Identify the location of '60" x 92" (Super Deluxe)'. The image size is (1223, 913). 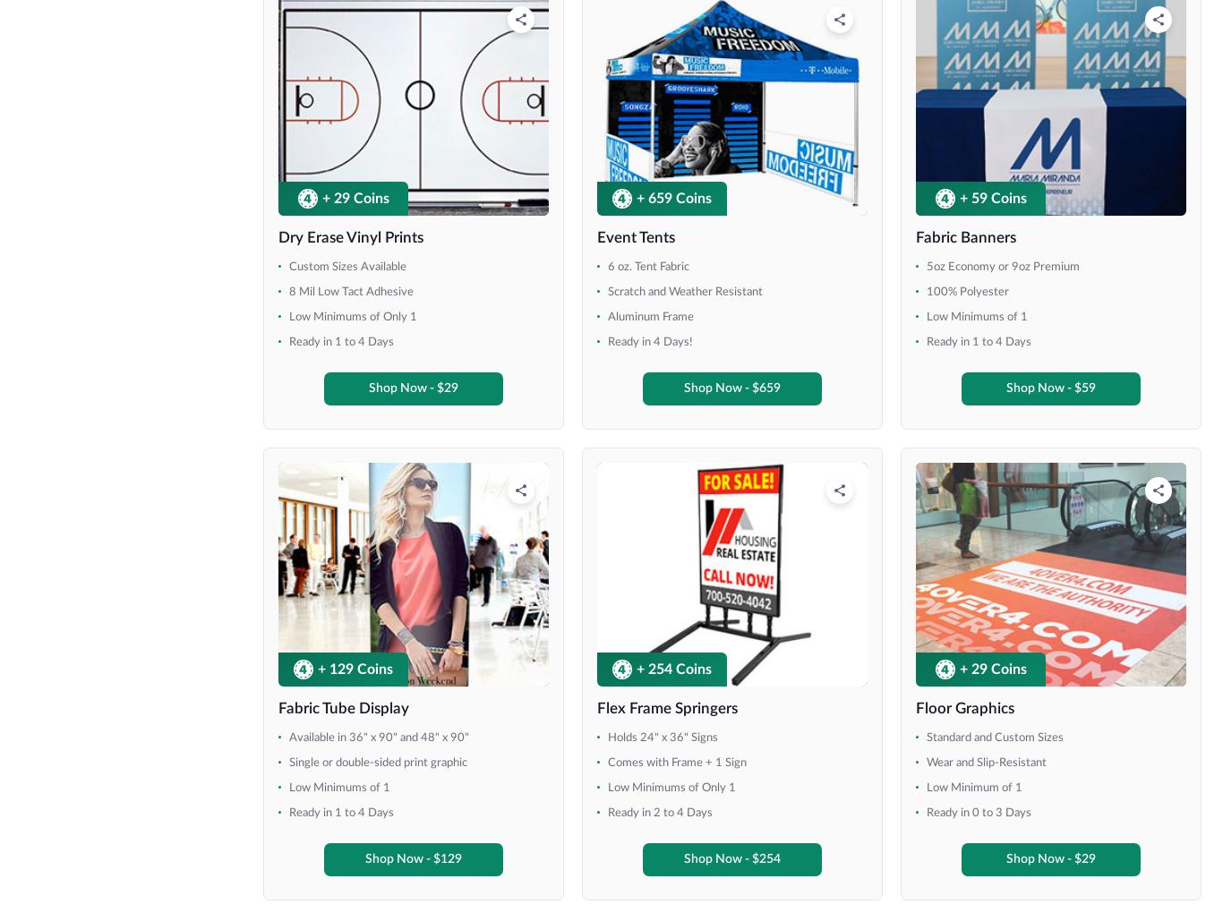
(115, 699).